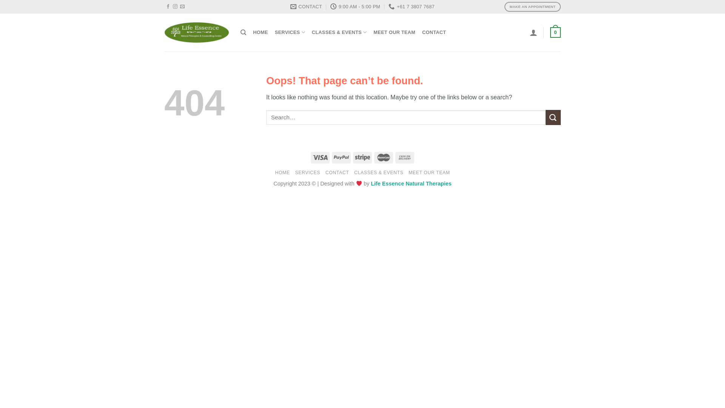 Image resolution: width=725 pixels, height=408 pixels. Describe the element at coordinates (339, 32) in the screenshot. I see `'CLASSES & EVENTS'` at that location.